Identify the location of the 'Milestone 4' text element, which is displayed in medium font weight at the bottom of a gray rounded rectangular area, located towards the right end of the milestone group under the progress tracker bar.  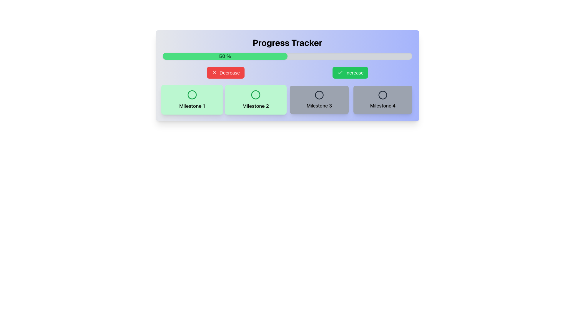
(383, 105).